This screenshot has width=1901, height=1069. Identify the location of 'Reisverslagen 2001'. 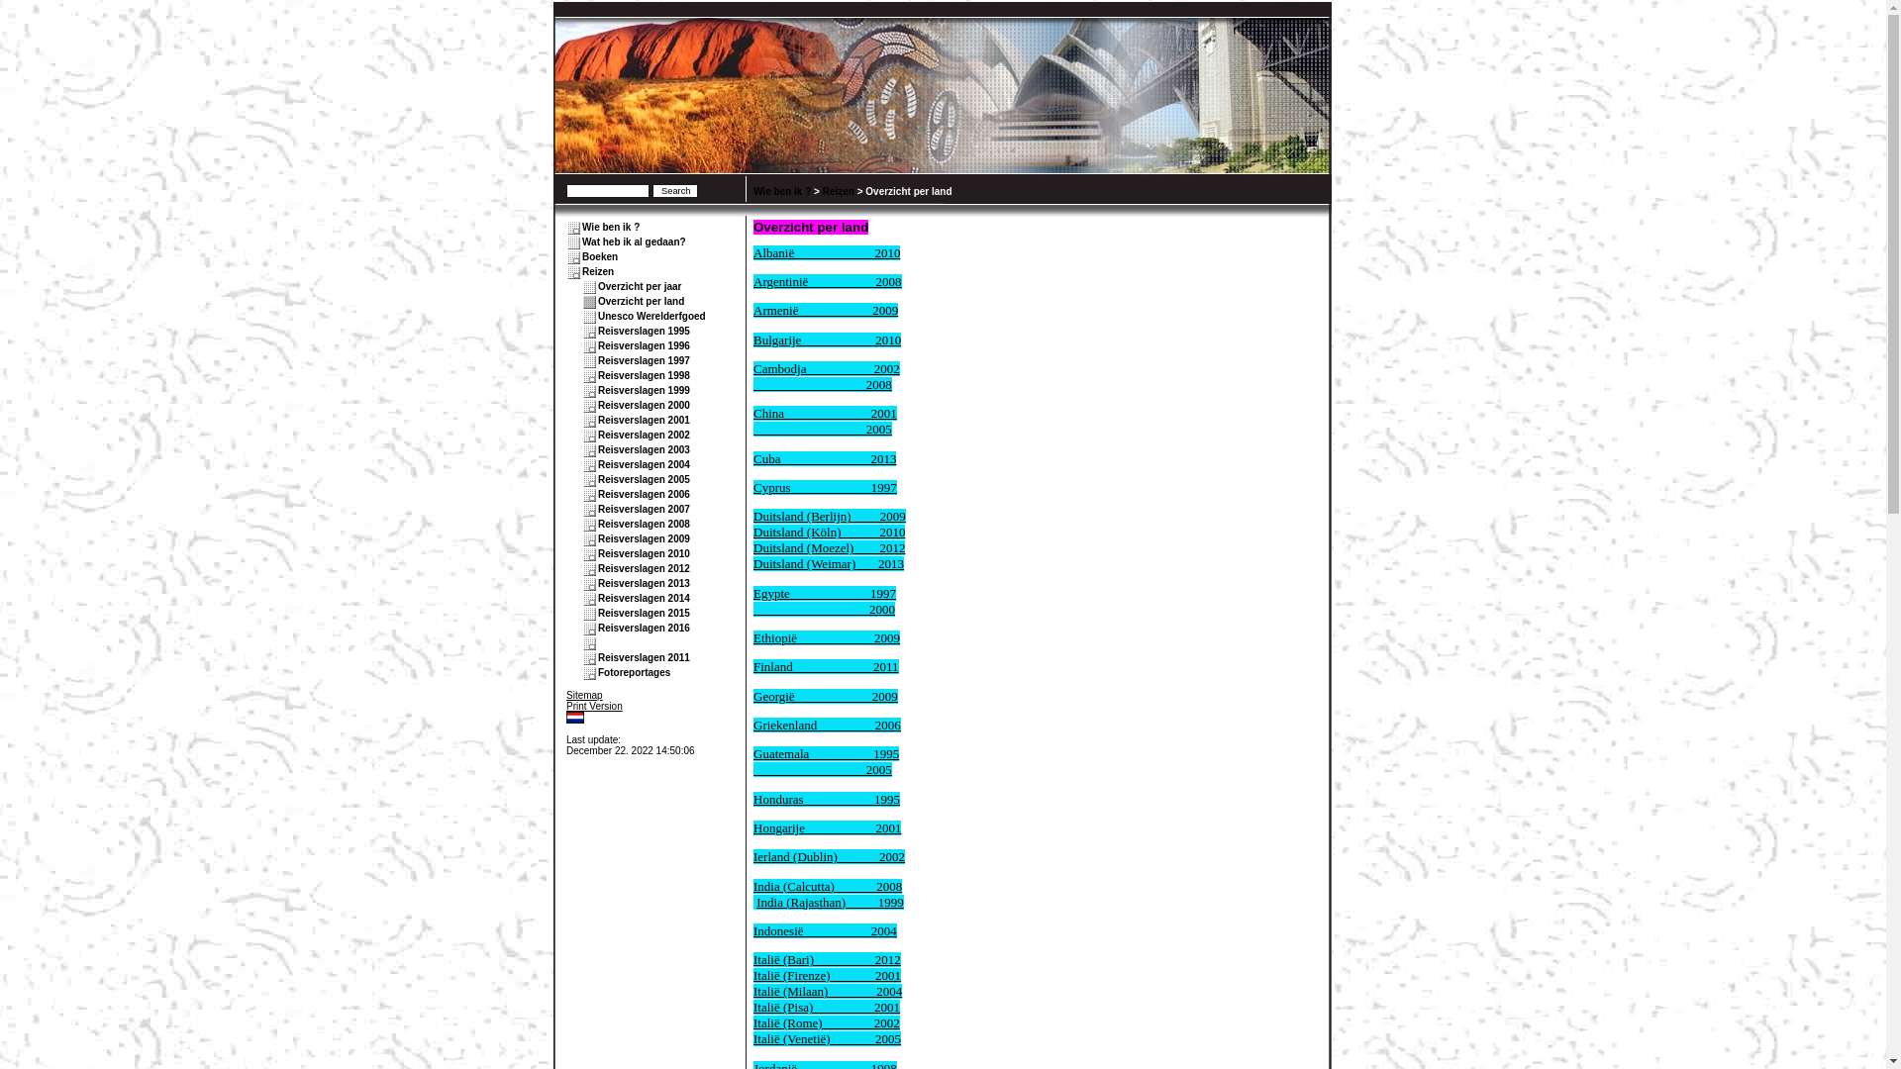
(644, 419).